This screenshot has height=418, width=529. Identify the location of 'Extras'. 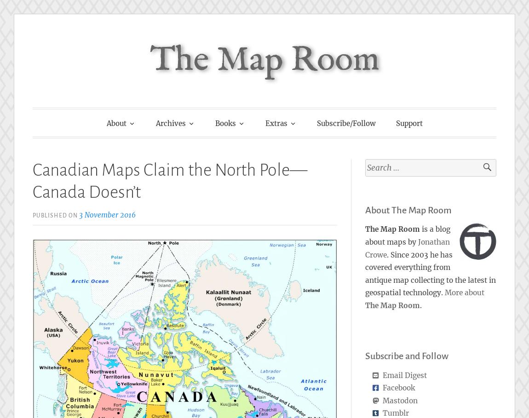
(275, 123).